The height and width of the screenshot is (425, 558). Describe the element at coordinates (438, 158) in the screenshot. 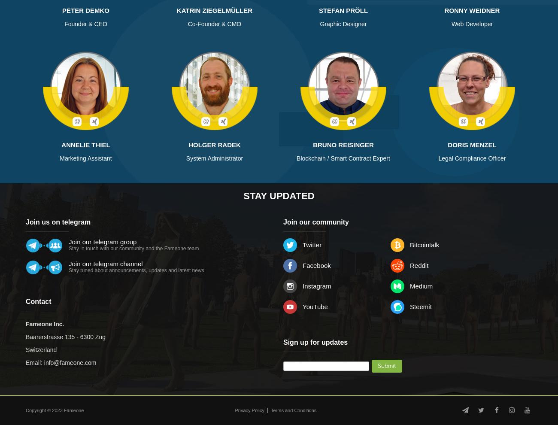

I see `'Legal Compliance Officer'` at that location.